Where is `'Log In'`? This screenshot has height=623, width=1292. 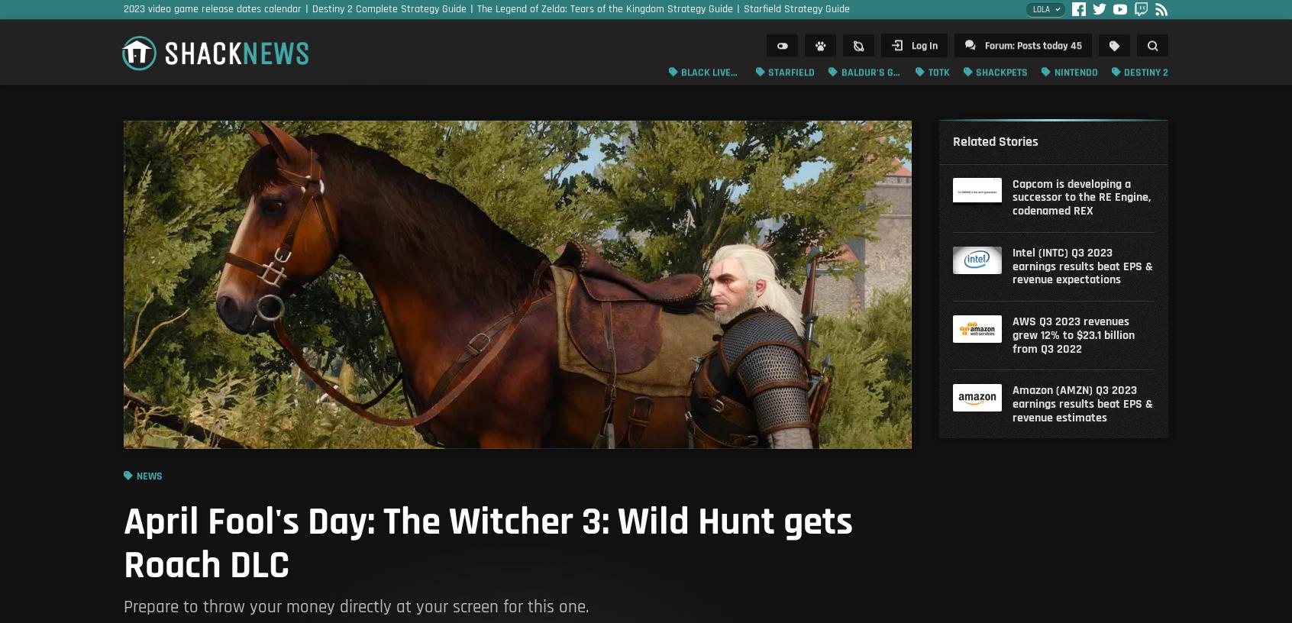 'Log In' is located at coordinates (923, 50).